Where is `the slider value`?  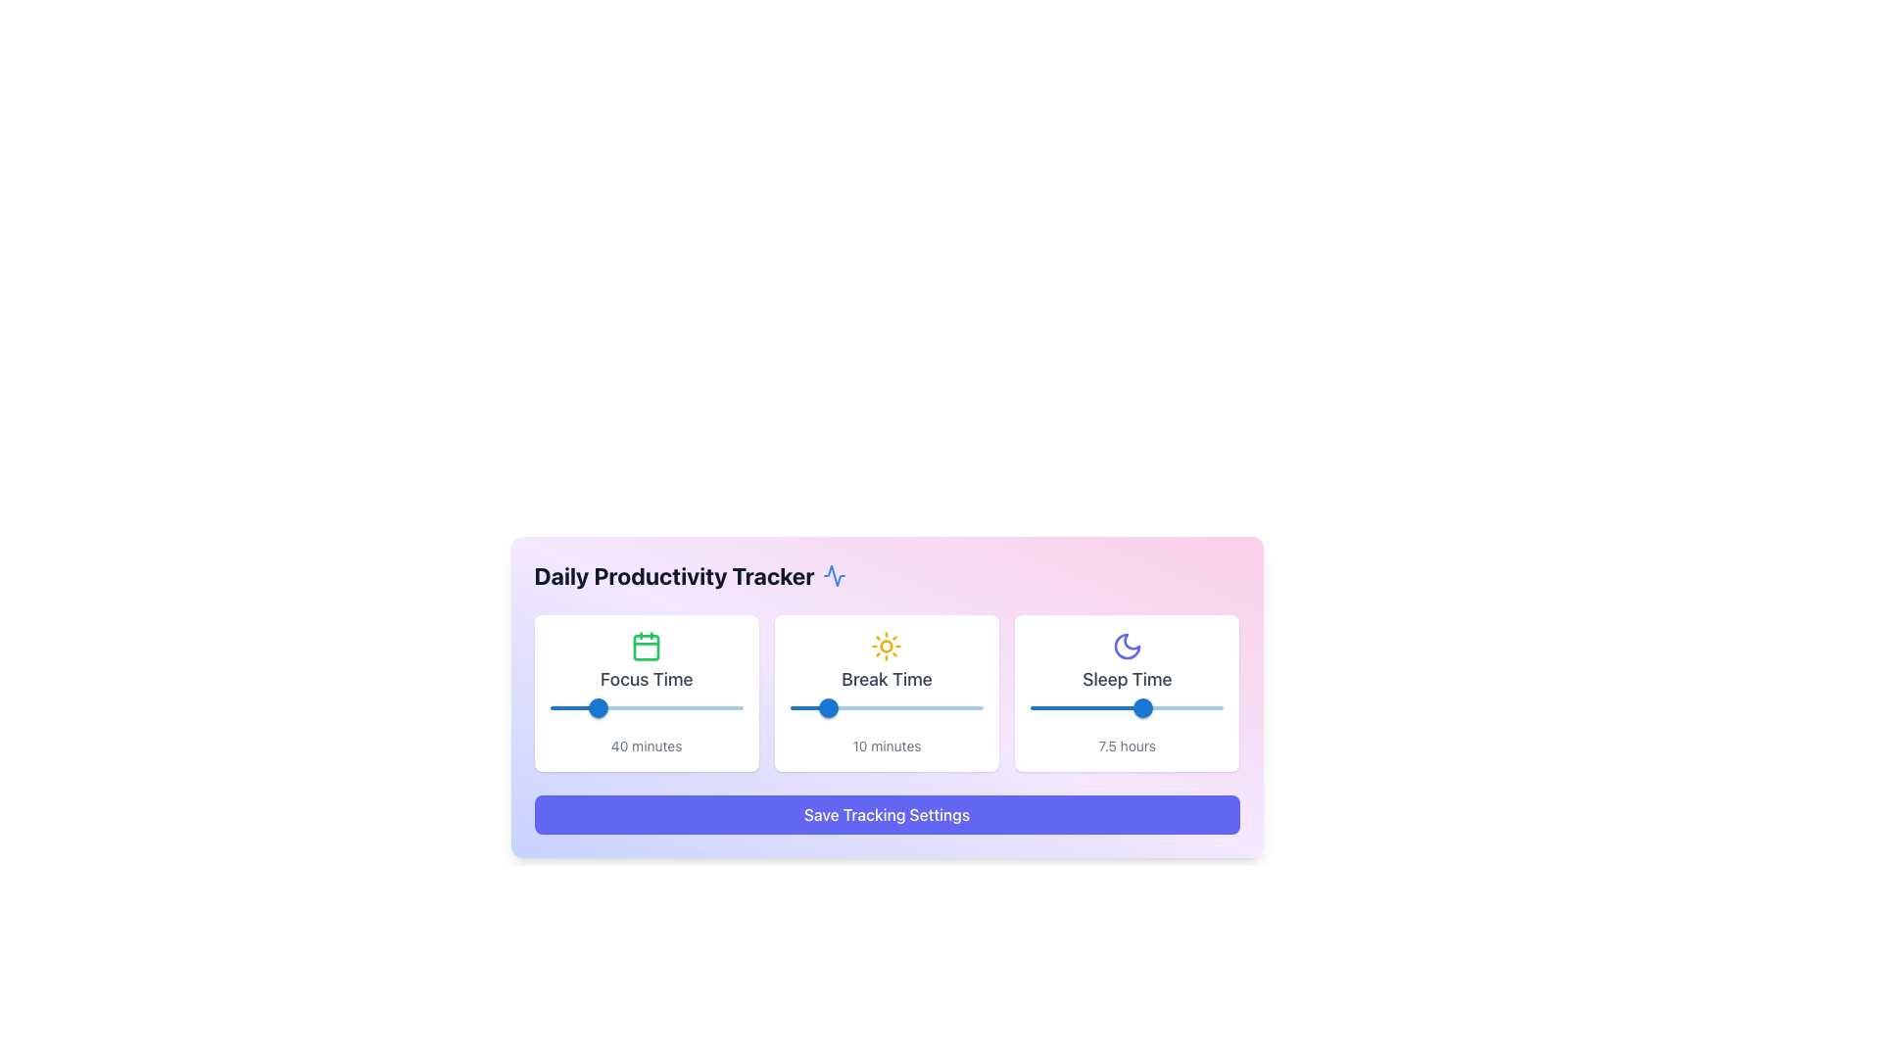
the slider value is located at coordinates (1127, 707).